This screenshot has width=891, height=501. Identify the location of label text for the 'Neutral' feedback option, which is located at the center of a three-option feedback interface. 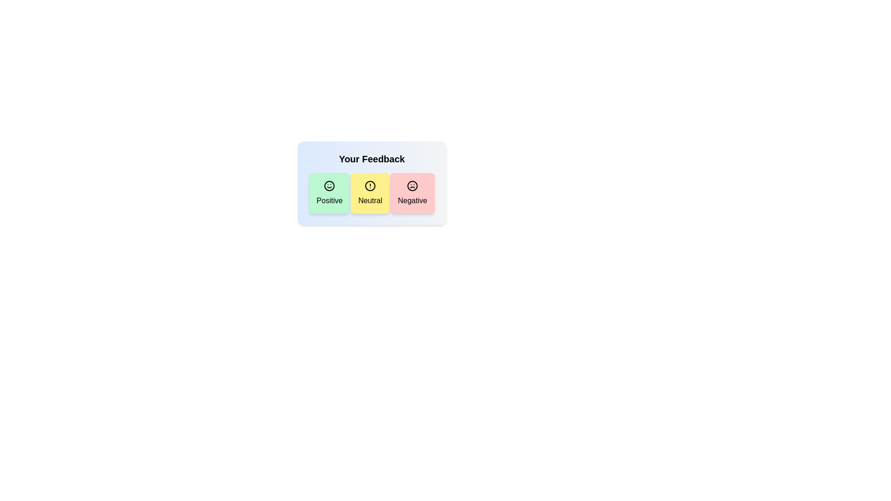
(369, 200).